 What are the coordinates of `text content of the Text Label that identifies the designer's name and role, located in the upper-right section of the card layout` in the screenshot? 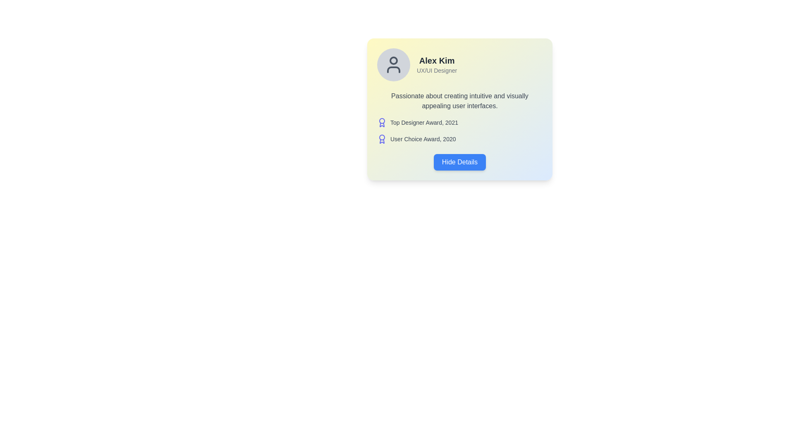 It's located at (436, 64).